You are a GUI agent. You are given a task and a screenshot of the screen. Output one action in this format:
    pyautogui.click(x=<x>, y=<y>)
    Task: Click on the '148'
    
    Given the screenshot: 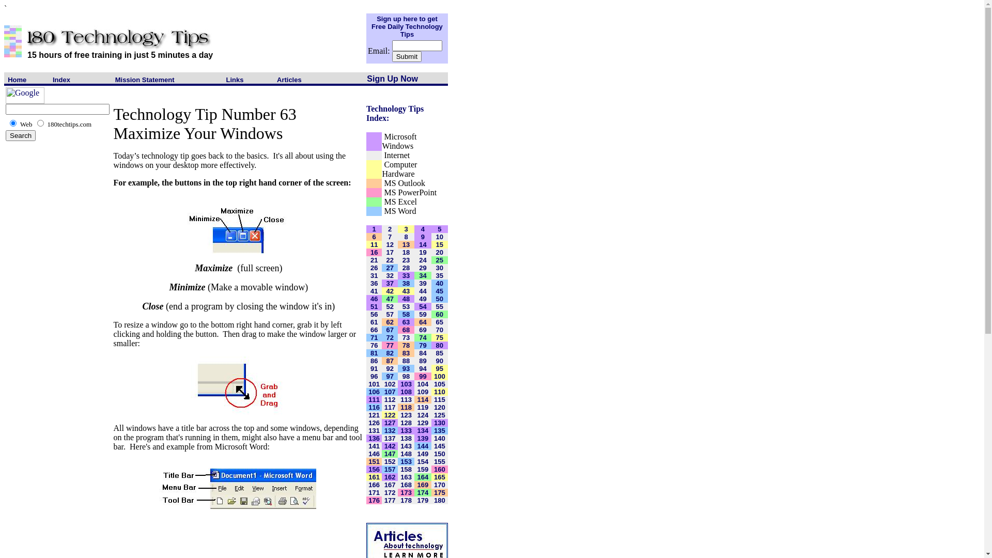 What is the action you would take?
    pyautogui.click(x=406, y=453)
    